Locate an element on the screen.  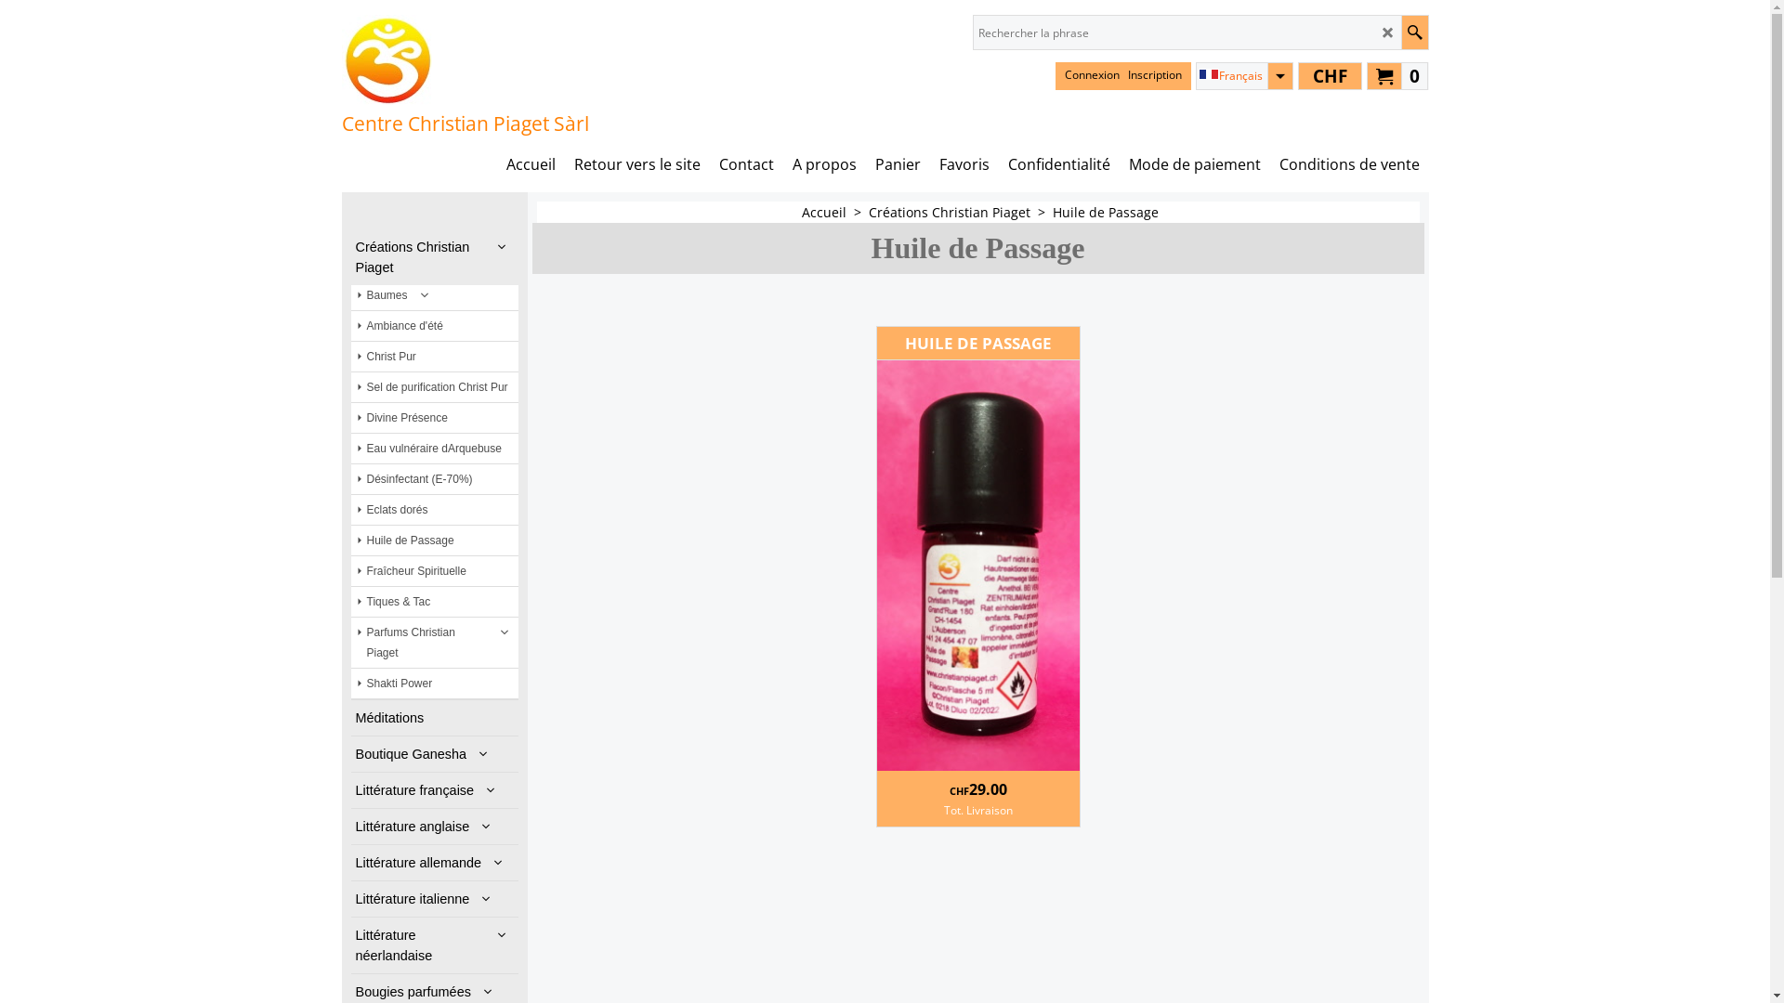
'Conditions de vente' is located at coordinates (1348, 163).